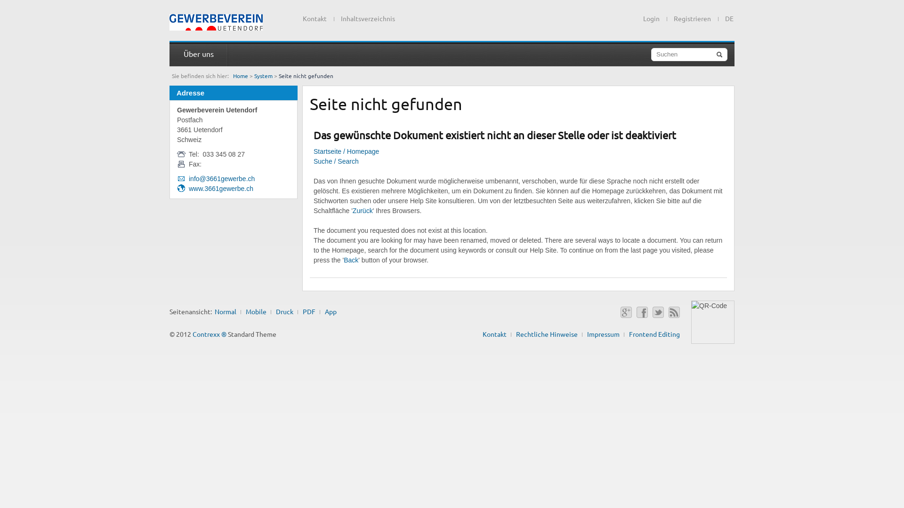  What do you see at coordinates (367, 18) in the screenshot?
I see `'Inhaltsverzeichnis'` at bounding box center [367, 18].